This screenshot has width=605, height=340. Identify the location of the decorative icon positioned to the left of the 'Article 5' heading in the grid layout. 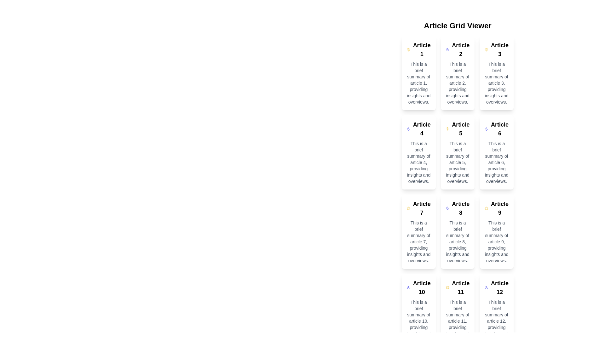
(447, 128).